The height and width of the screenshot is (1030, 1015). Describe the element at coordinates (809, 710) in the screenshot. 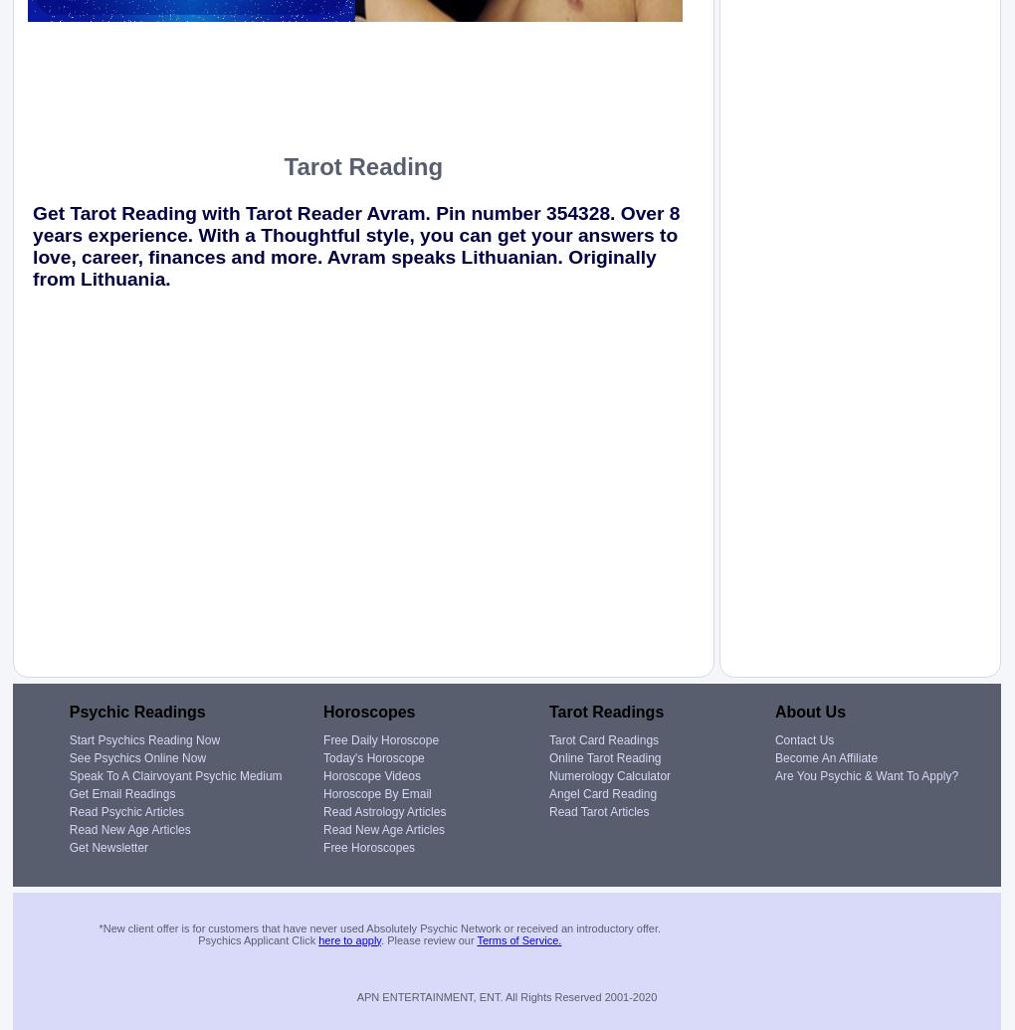

I see `'About Us'` at that location.